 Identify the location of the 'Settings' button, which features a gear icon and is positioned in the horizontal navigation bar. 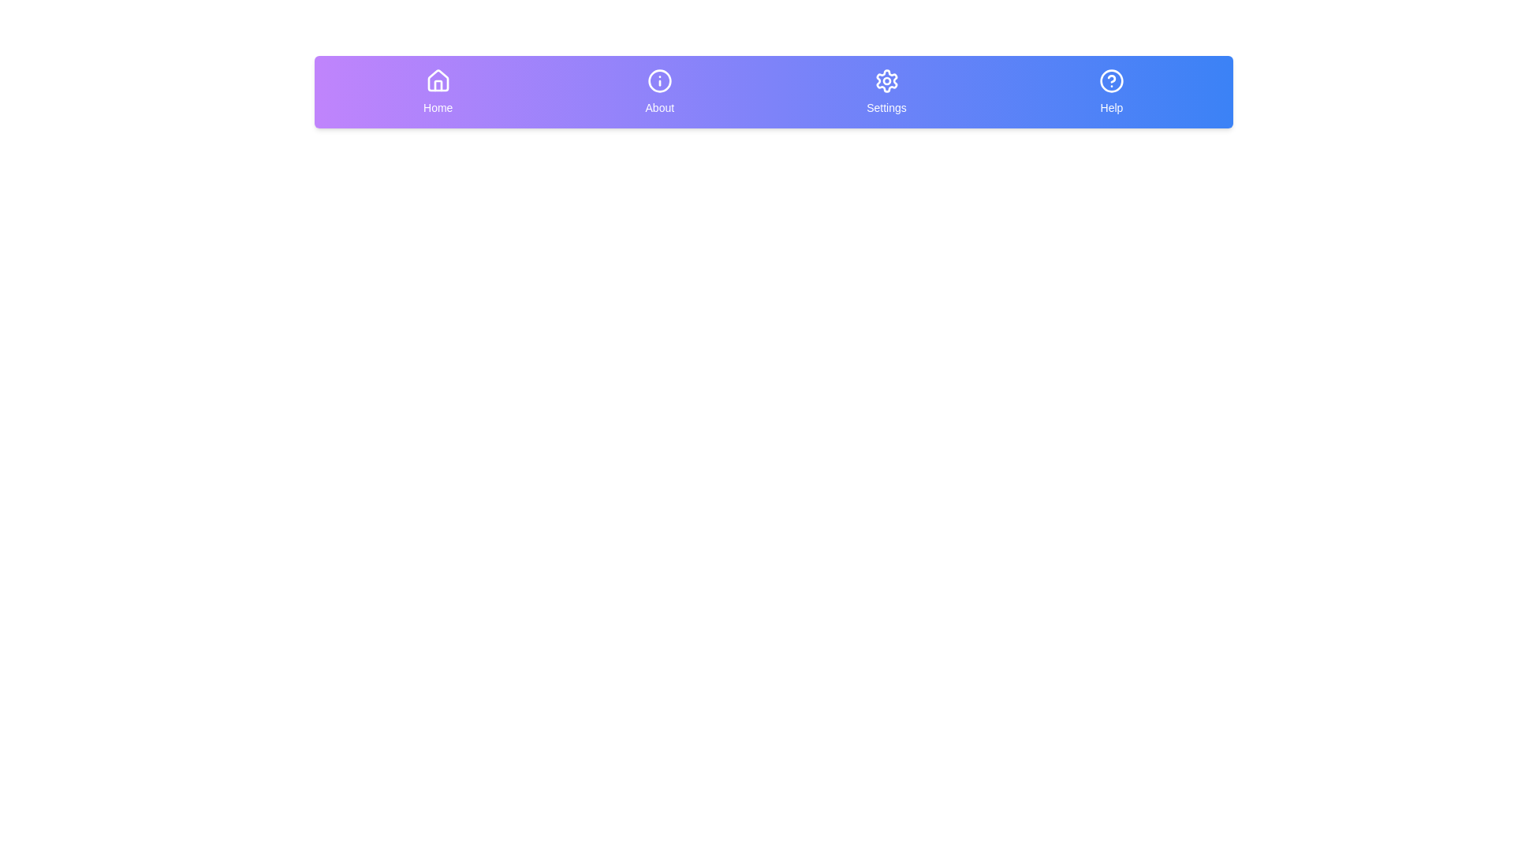
(886, 91).